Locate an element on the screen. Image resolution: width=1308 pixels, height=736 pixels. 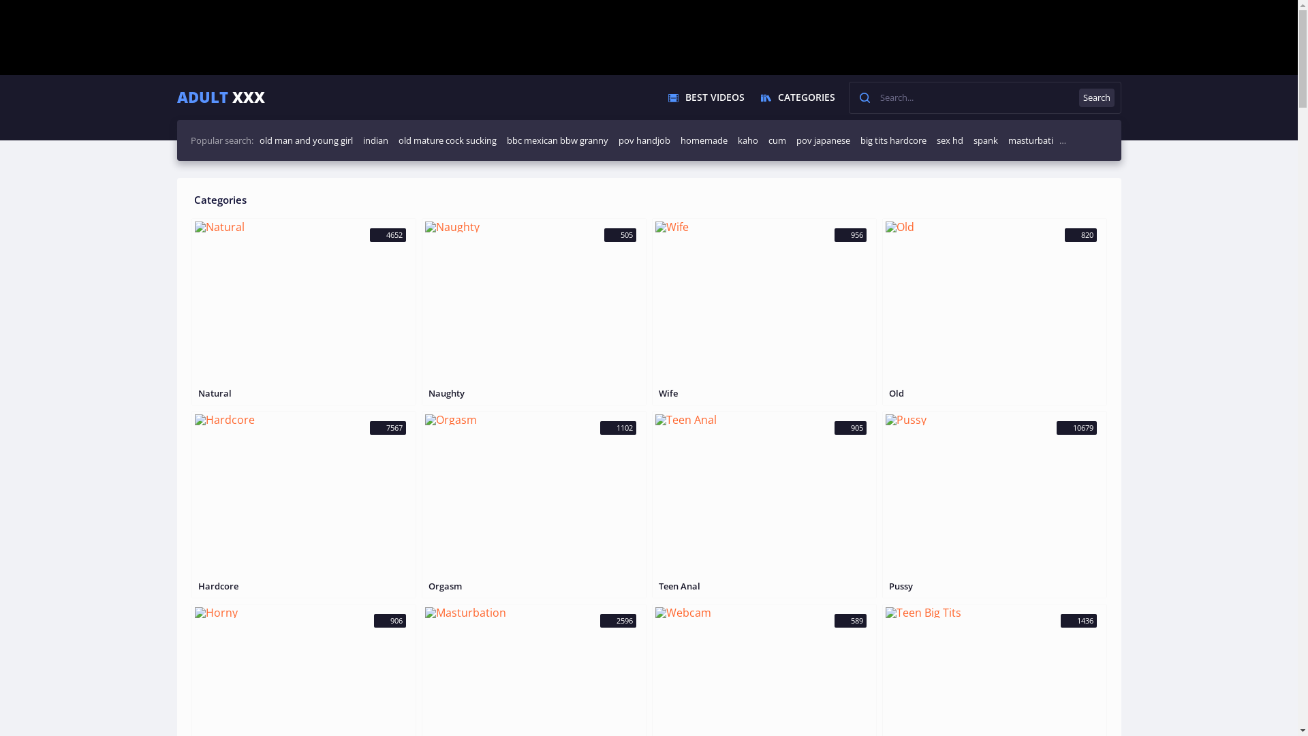
'820' is located at coordinates (994, 302).